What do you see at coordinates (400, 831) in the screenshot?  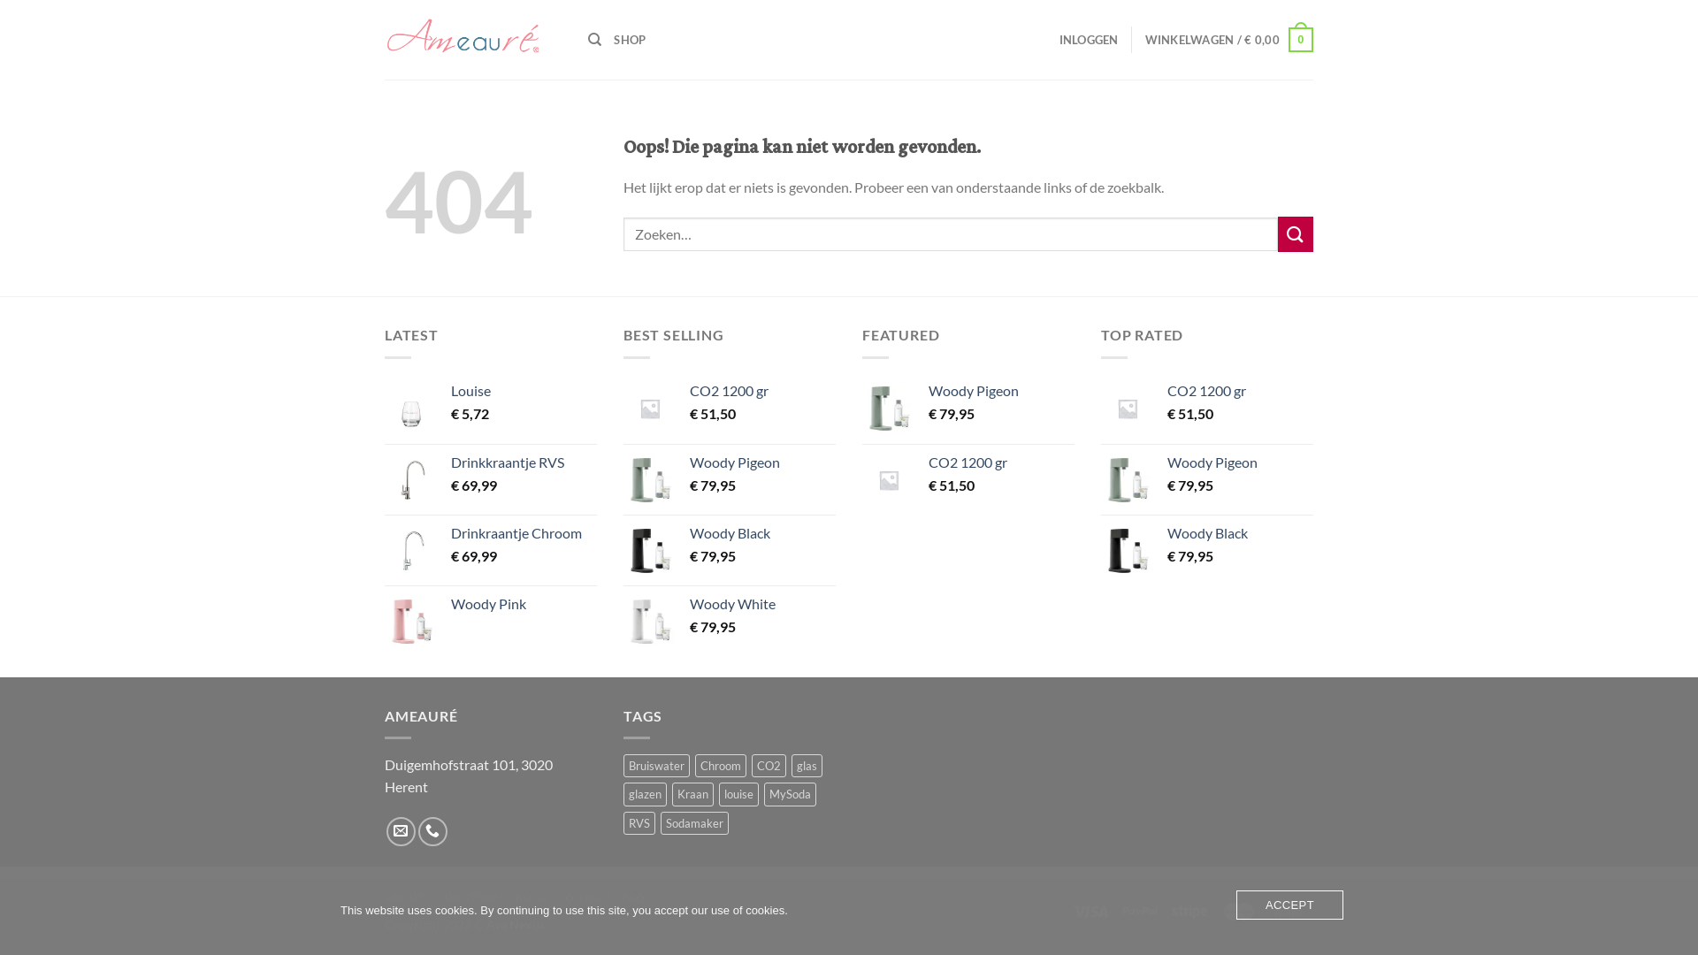 I see `'Stuur ons een e-mail'` at bounding box center [400, 831].